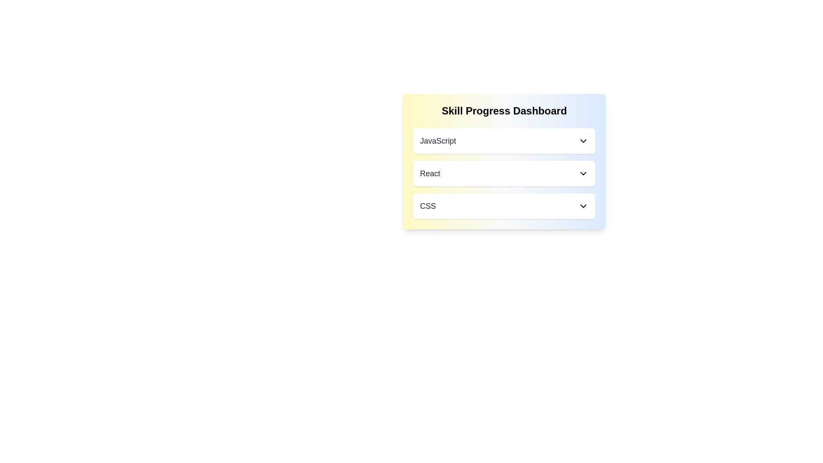 The width and height of the screenshot is (823, 463). What do you see at coordinates (504, 140) in the screenshot?
I see `the first dropdown trigger in the list under 'Skill Progress Dashboard'` at bounding box center [504, 140].